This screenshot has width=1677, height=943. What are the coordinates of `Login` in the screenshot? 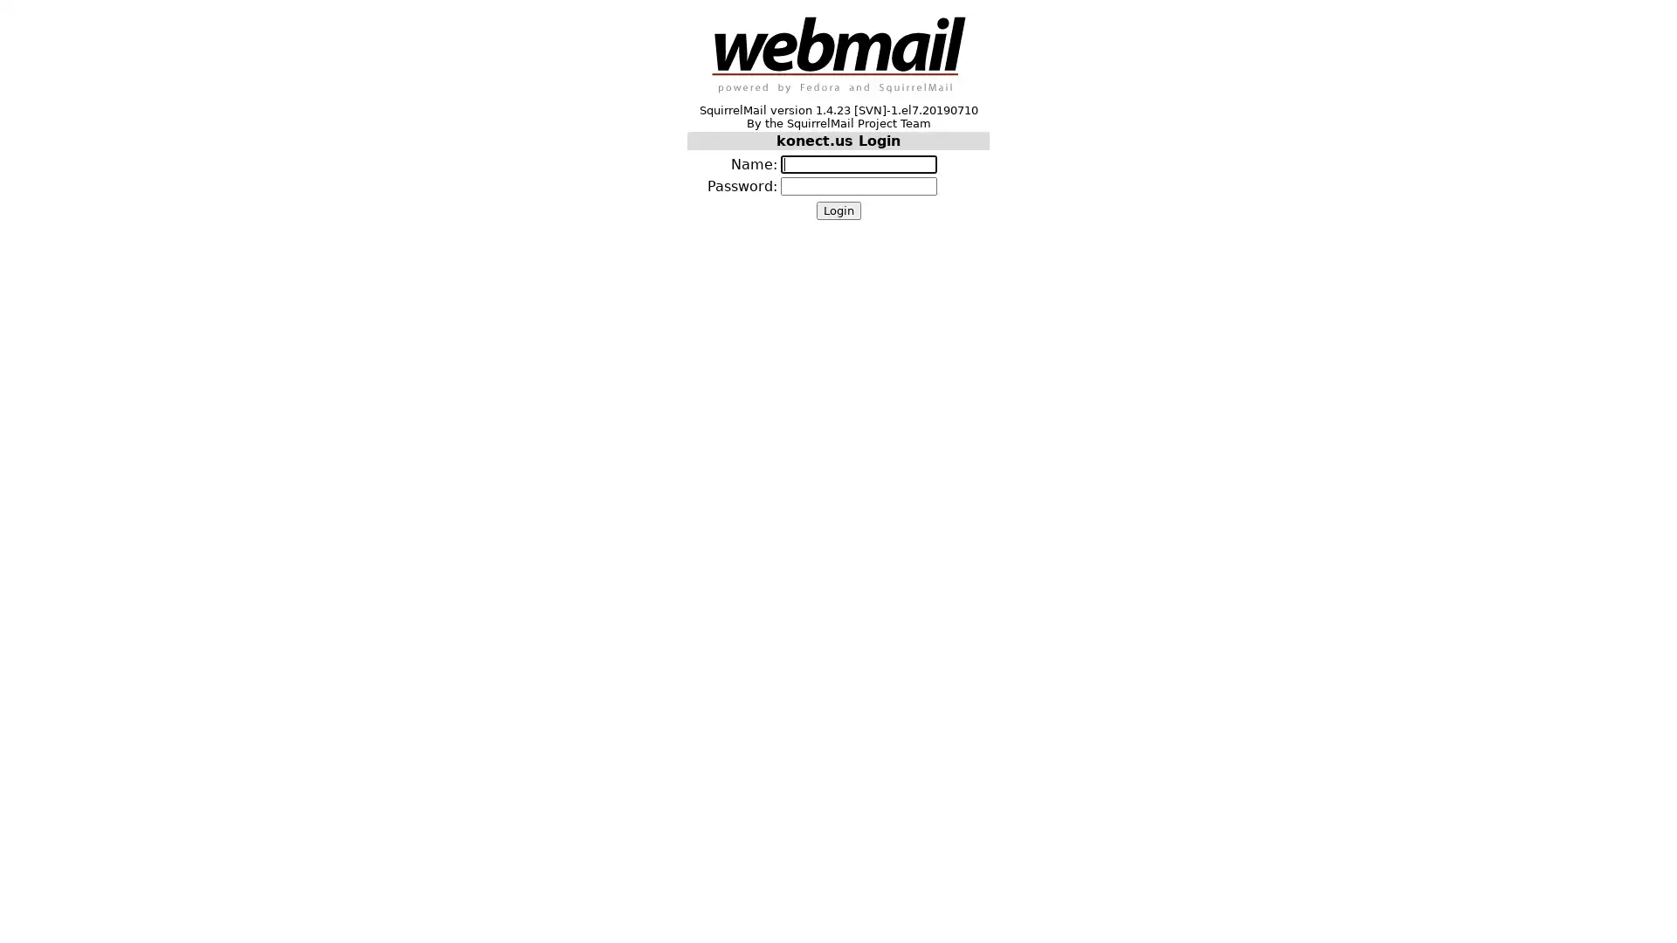 It's located at (837, 210).